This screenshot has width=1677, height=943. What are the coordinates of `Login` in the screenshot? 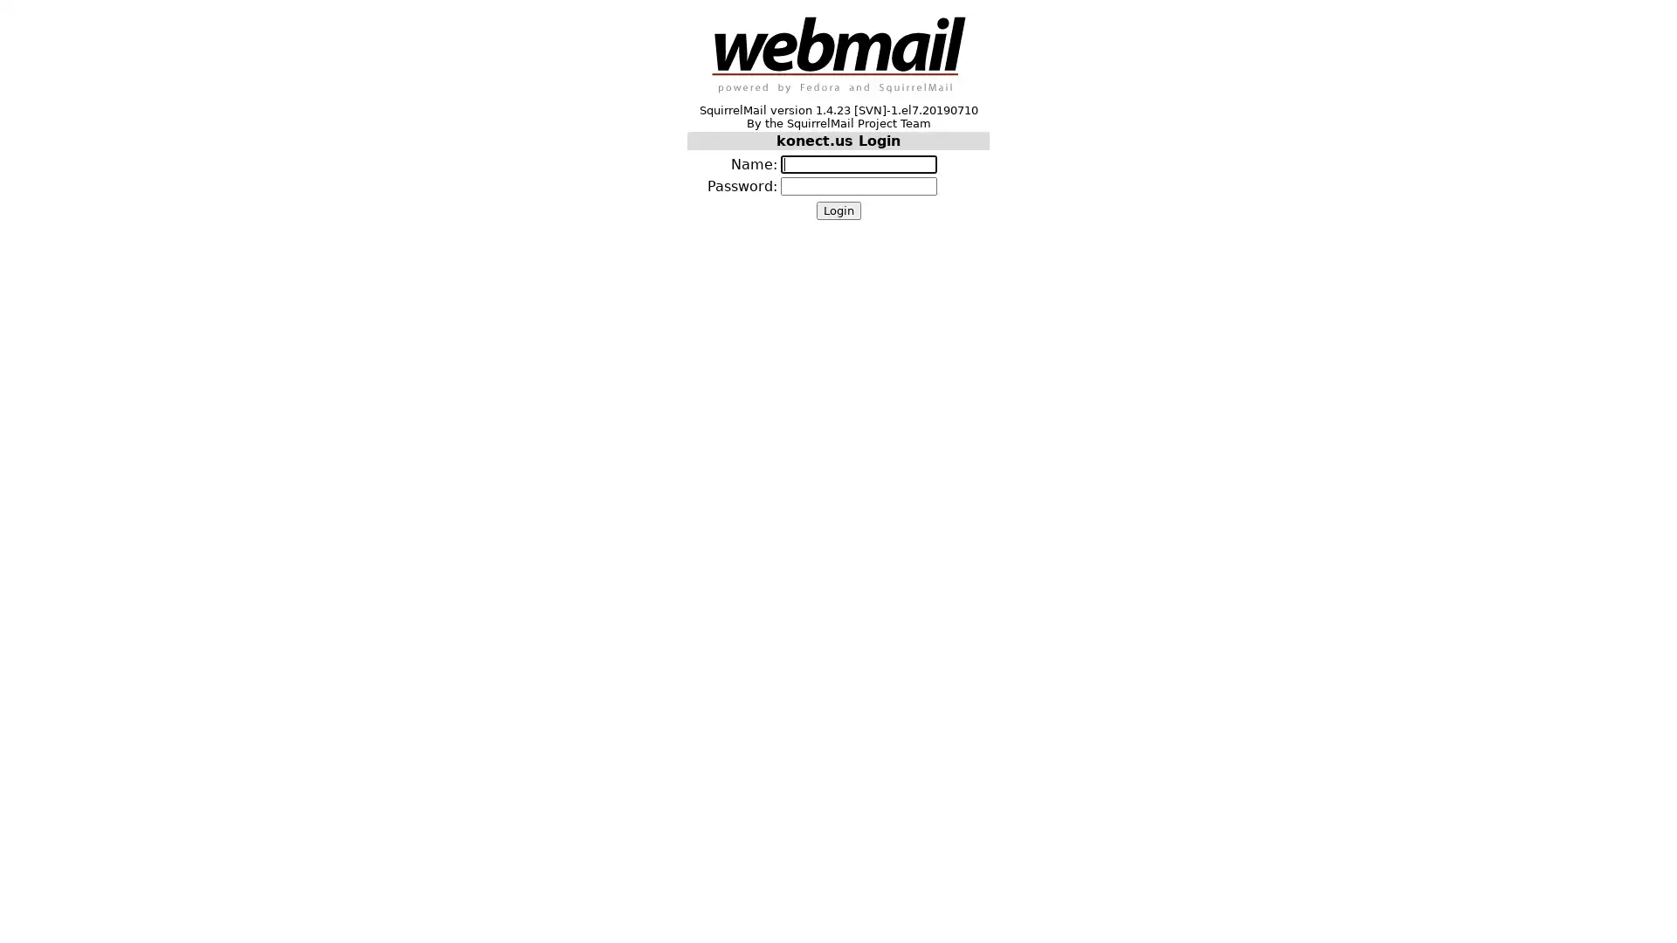 It's located at (837, 210).